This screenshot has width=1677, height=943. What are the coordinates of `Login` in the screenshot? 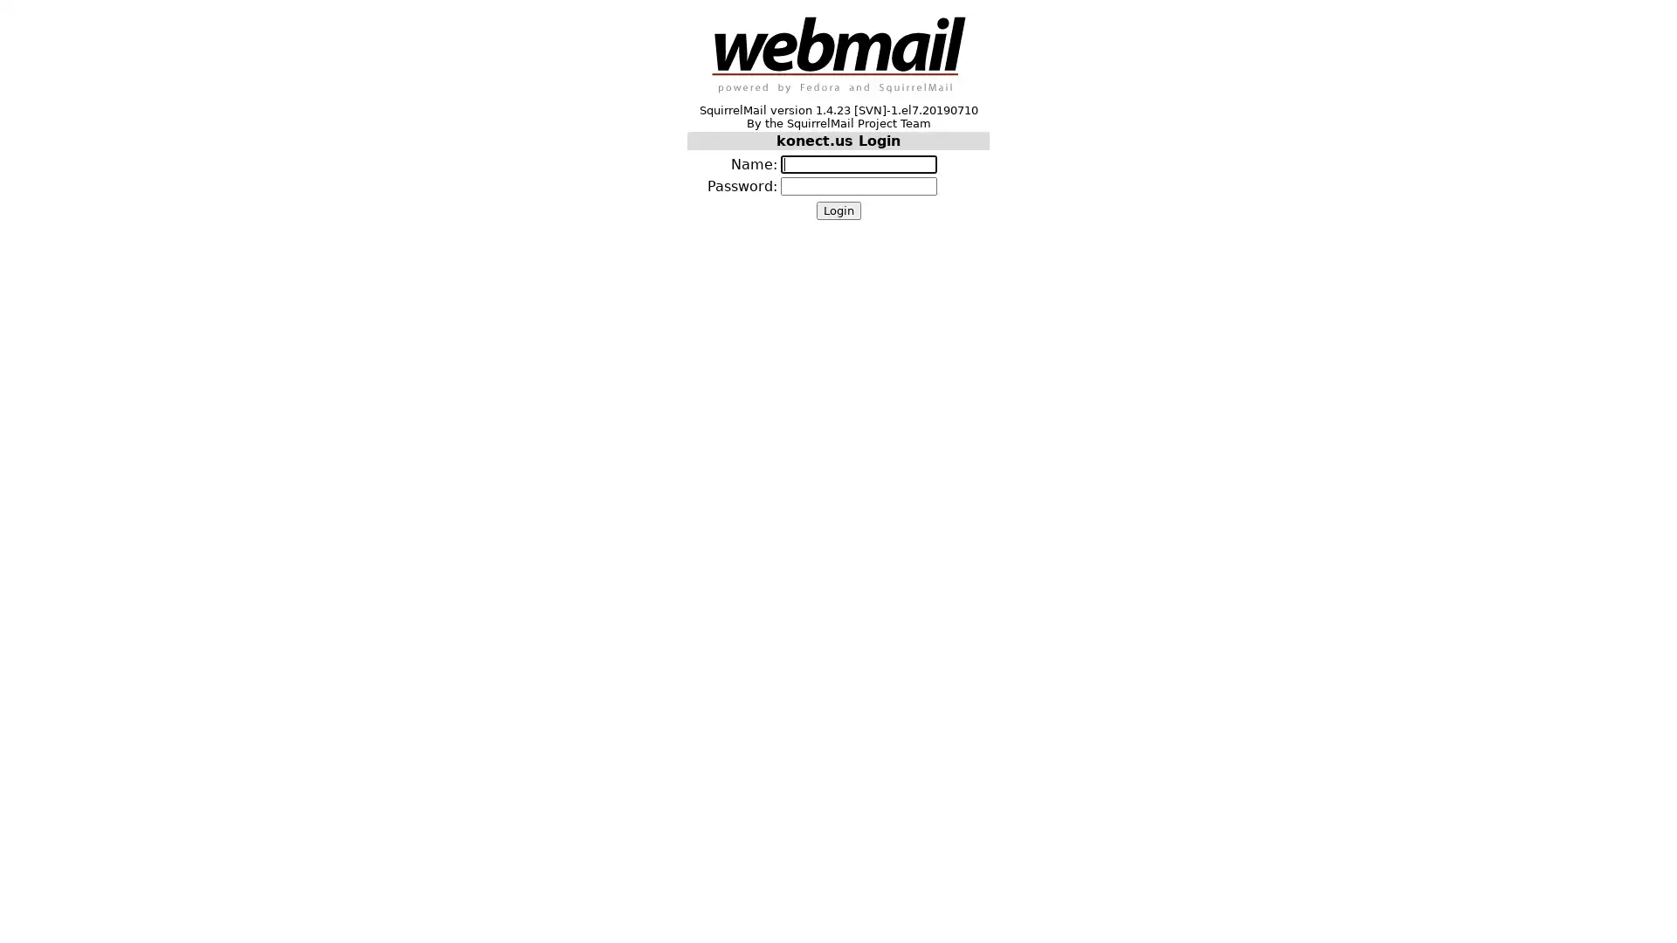 It's located at (837, 210).